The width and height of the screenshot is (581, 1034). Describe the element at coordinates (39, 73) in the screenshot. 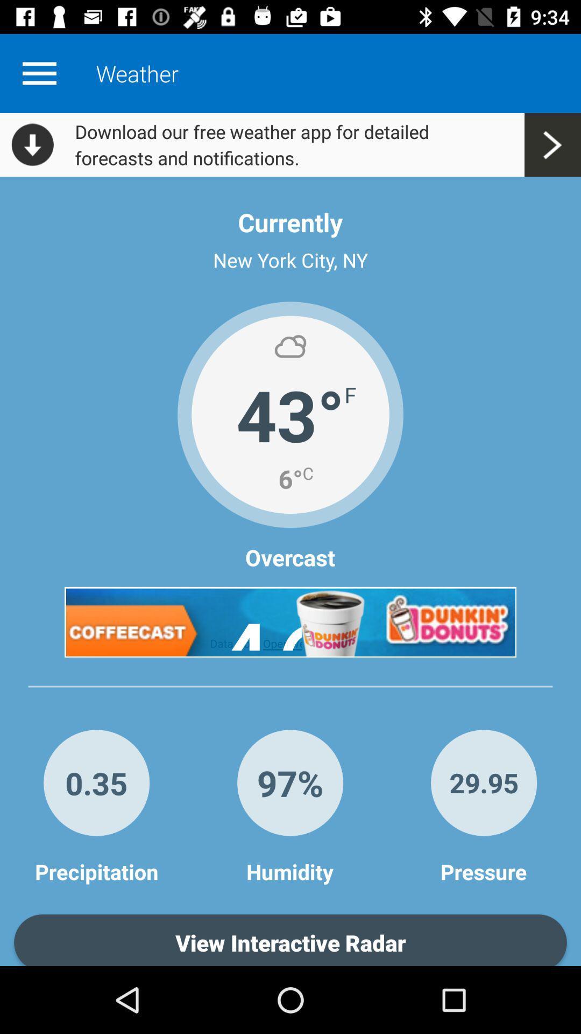

I see `the menu icon` at that location.